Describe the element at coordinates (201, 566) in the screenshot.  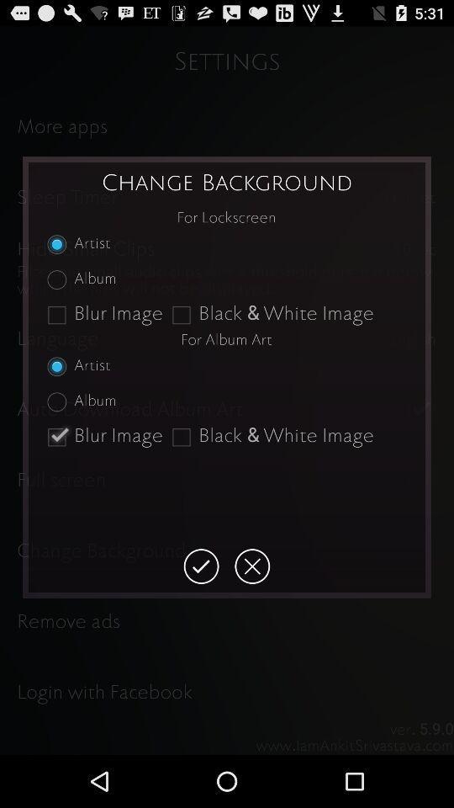
I see `accept` at that location.